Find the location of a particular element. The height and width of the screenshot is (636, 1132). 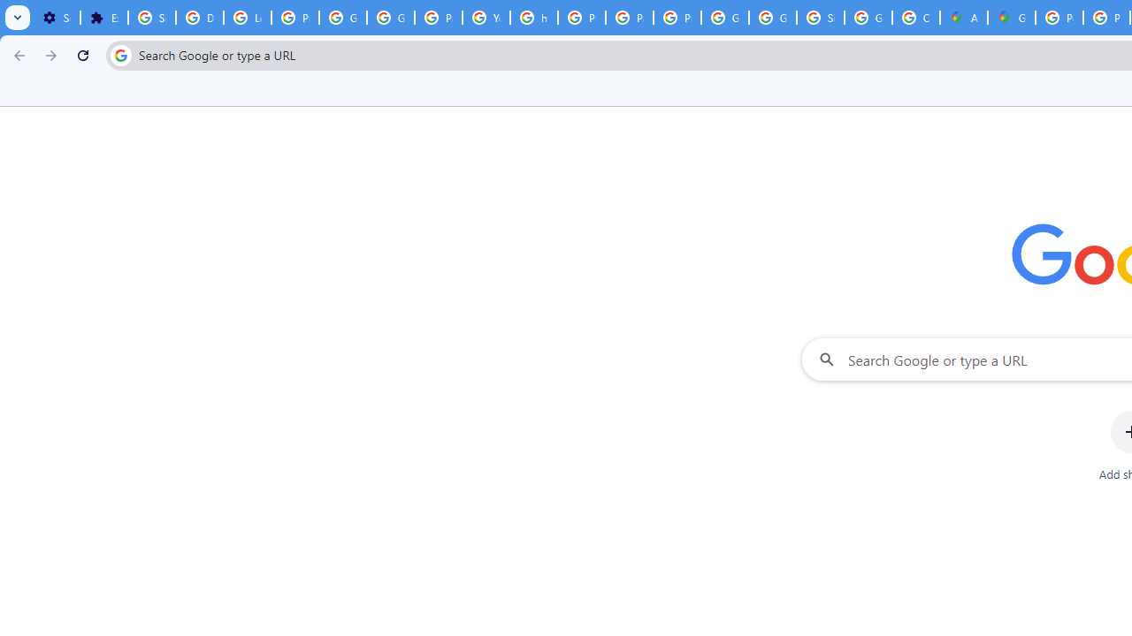

'Delete photos & videos - Computer - Google Photos Help' is located at coordinates (199, 18).